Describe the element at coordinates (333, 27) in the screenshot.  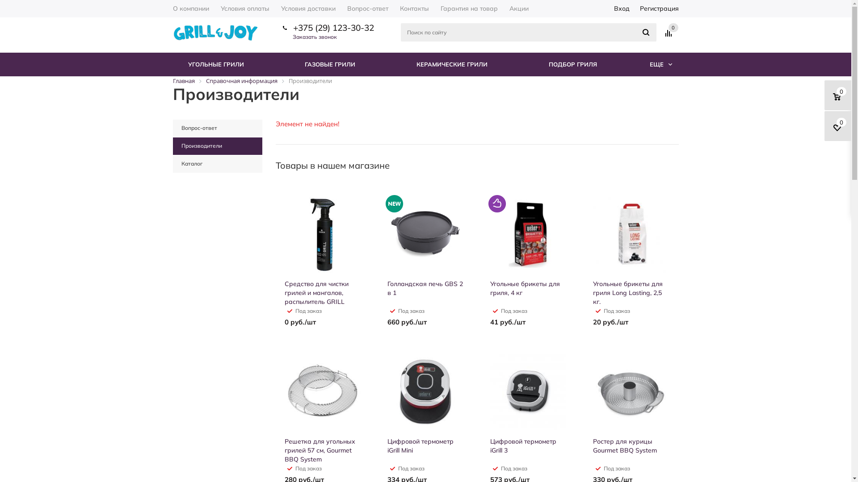
I see `'+375 (29) 123-30-32'` at that location.